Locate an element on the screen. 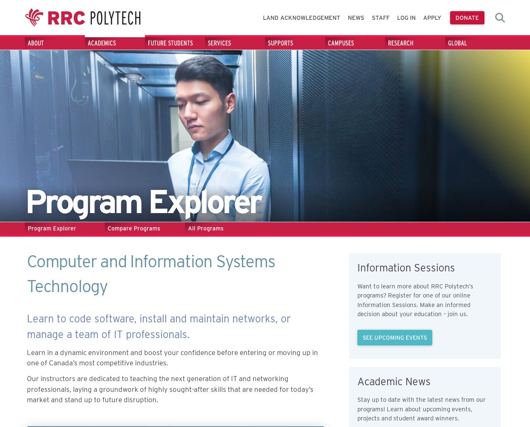 The image size is (530, 427). 'Stay up to date with the latest news from our programs! Learn about upcoming events, projects and student award winners.' is located at coordinates (421, 408).